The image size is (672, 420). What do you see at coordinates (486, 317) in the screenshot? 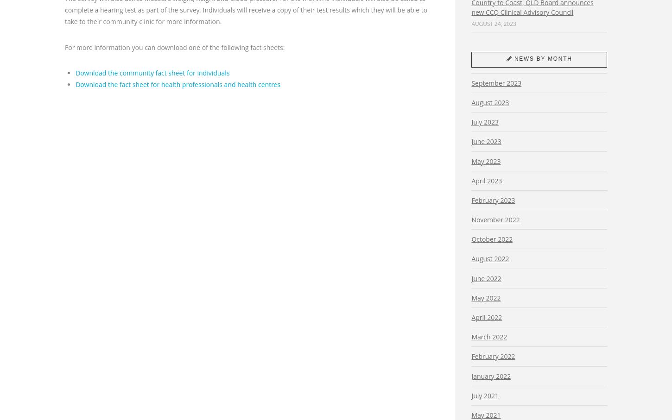
I see `'April 2022'` at bounding box center [486, 317].